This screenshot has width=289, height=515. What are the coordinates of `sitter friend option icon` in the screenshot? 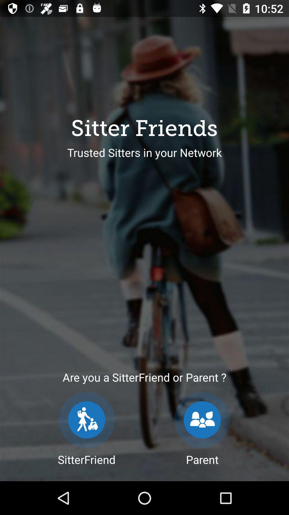 It's located at (86, 420).